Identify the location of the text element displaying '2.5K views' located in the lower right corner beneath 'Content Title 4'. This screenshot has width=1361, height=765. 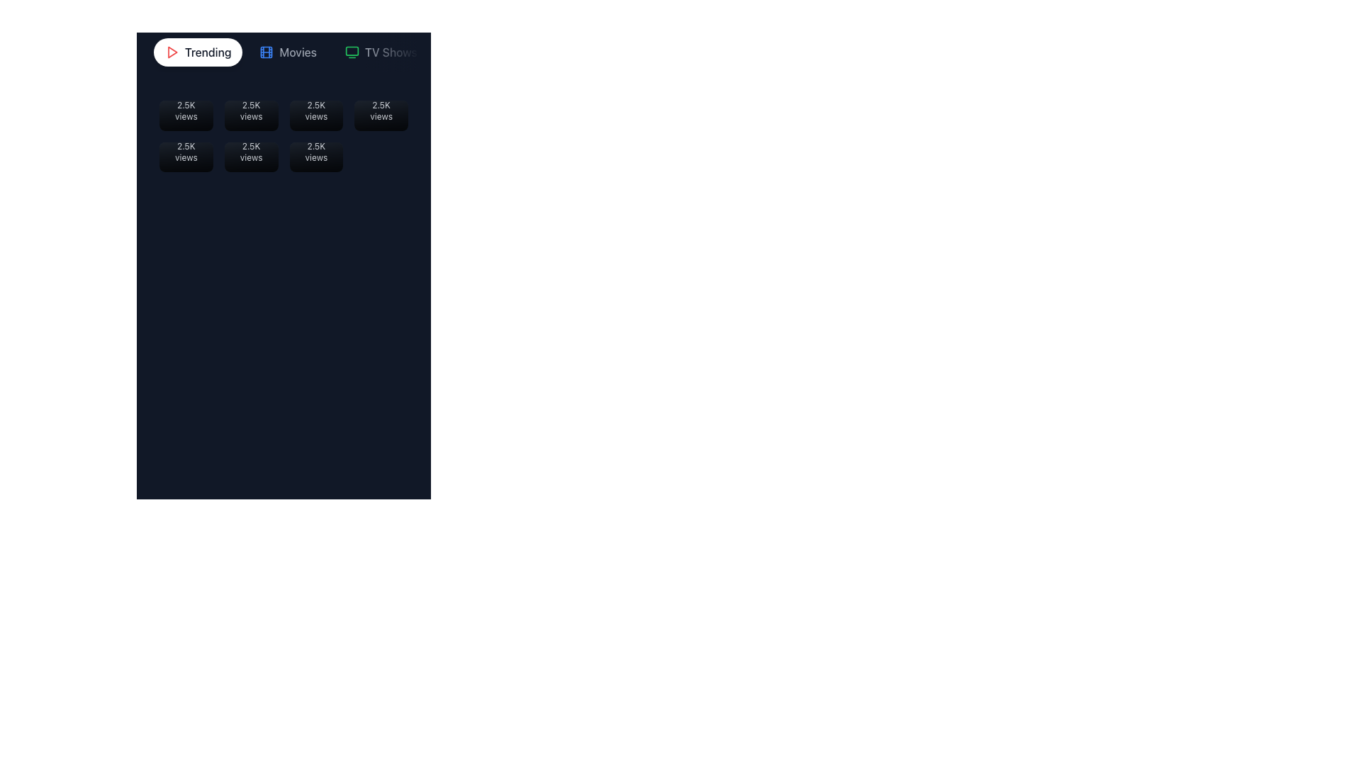
(381, 110).